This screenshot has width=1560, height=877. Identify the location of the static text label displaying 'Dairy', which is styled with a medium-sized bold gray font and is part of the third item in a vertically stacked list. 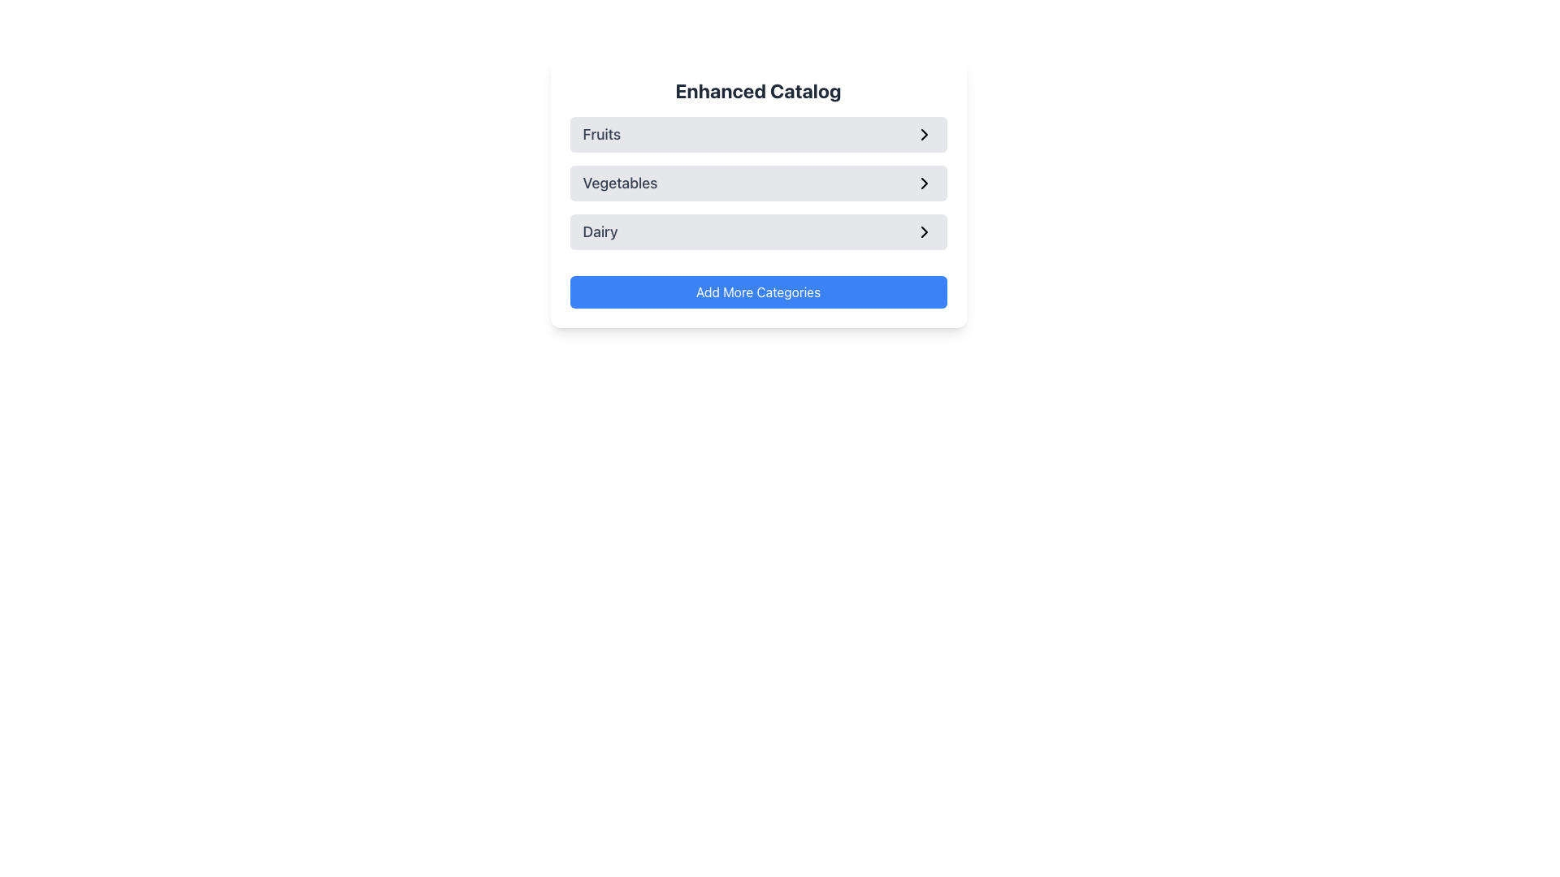
(600, 231).